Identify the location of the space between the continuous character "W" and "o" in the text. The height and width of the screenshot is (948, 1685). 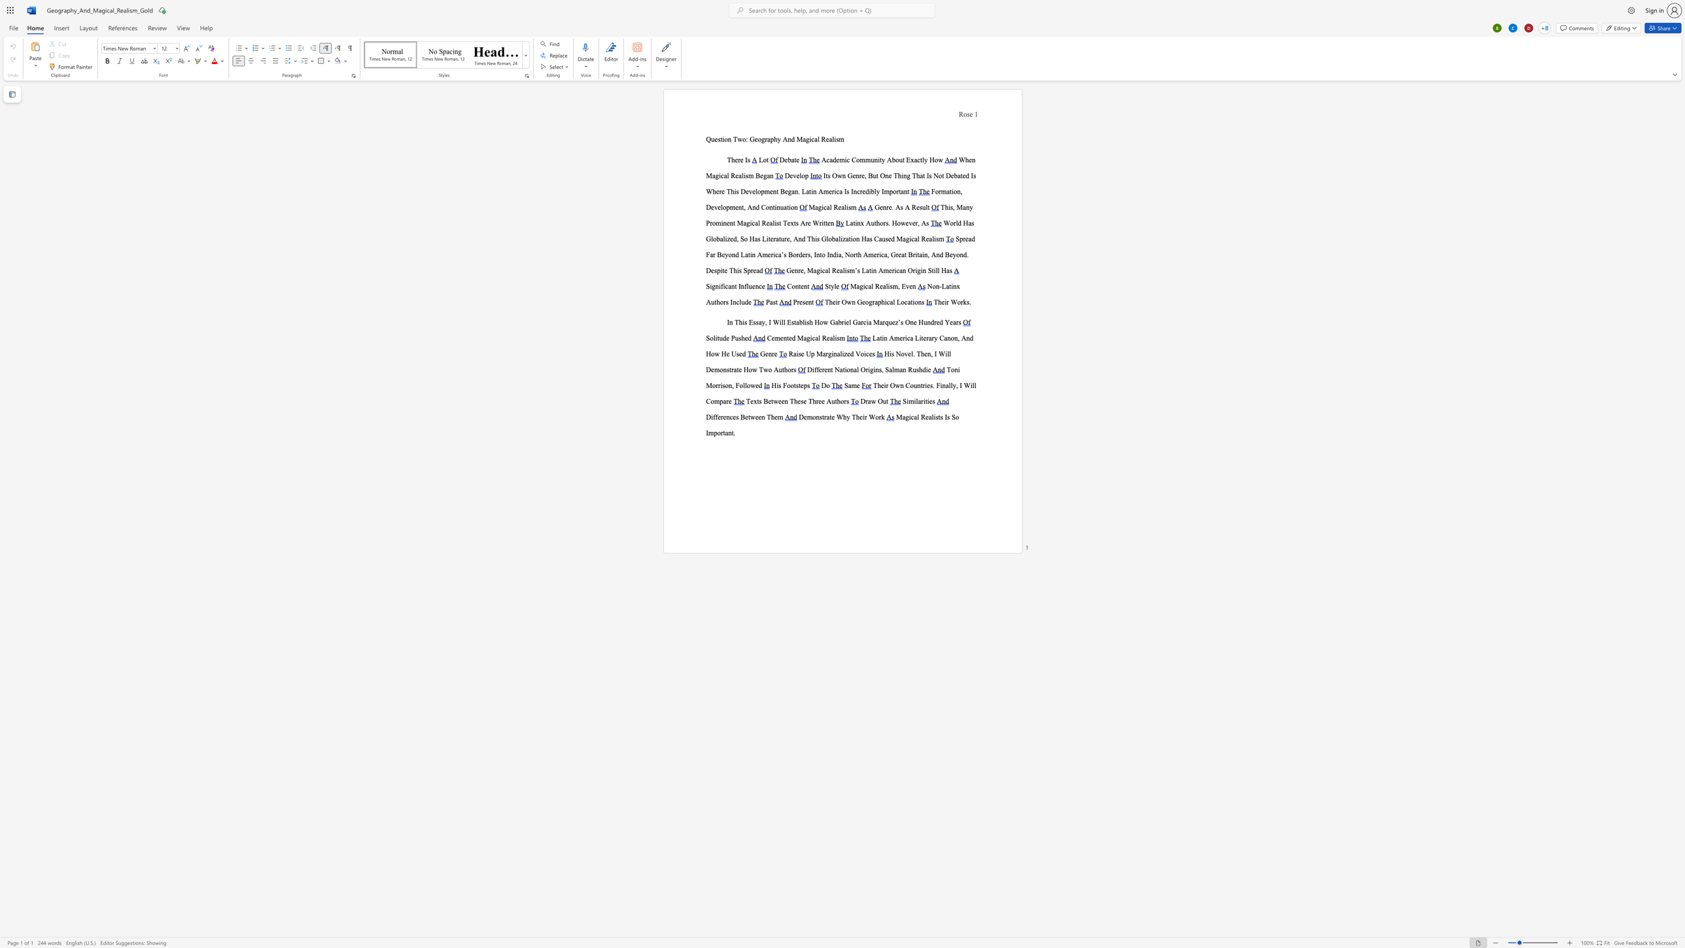
(956, 301).